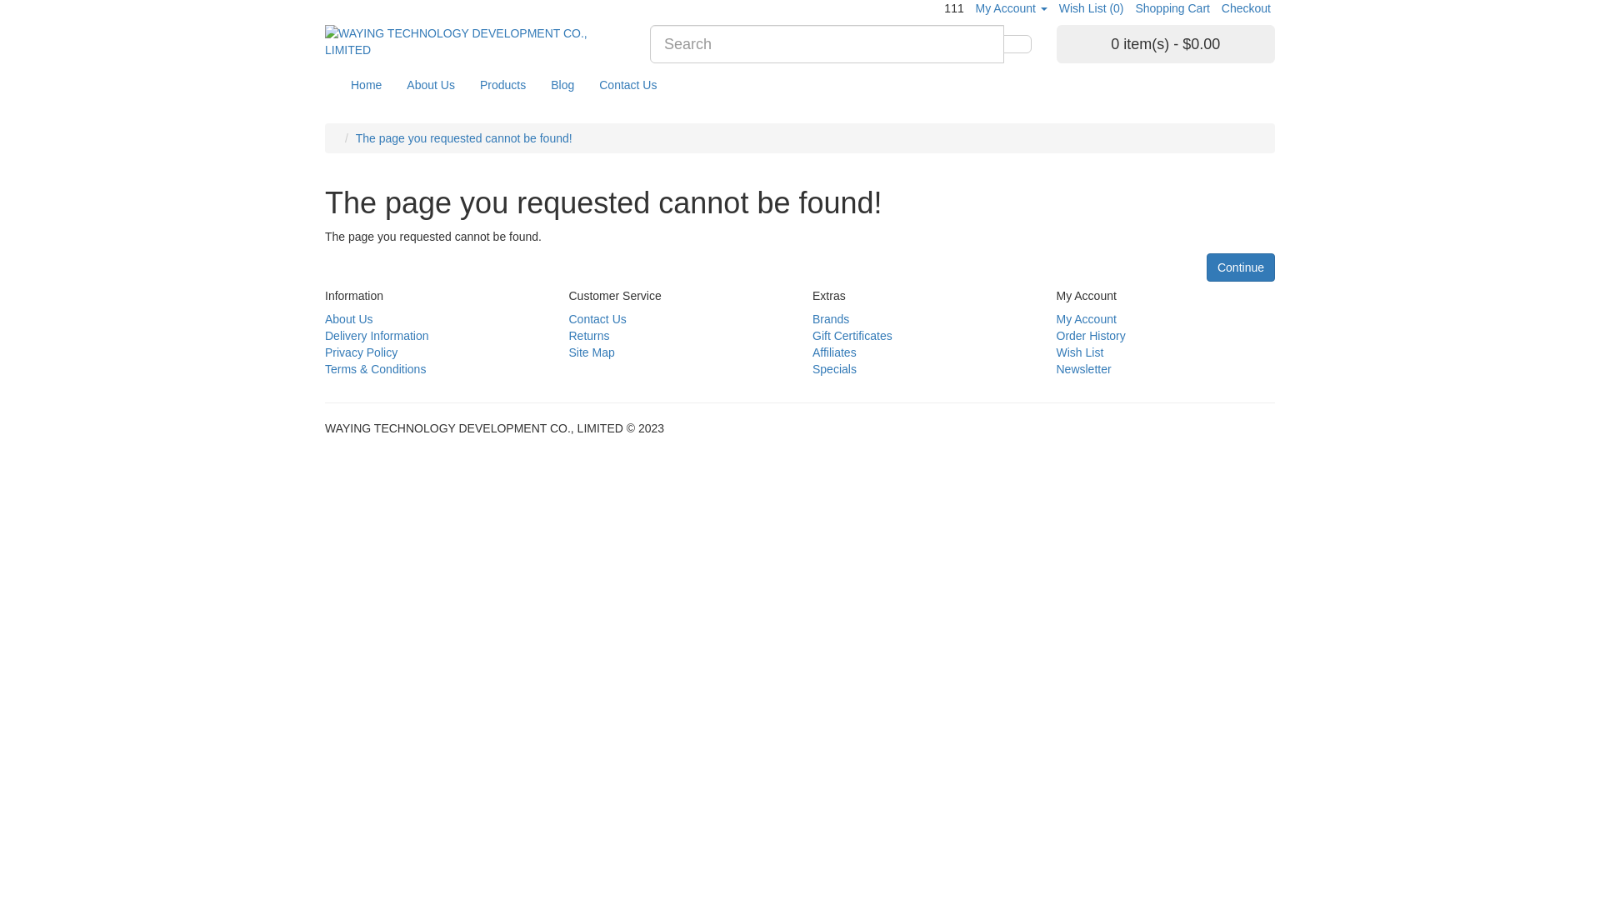  Describe the element at coordinates (597, 318) in the screenshot. I see `'Contact Us'` at that location.